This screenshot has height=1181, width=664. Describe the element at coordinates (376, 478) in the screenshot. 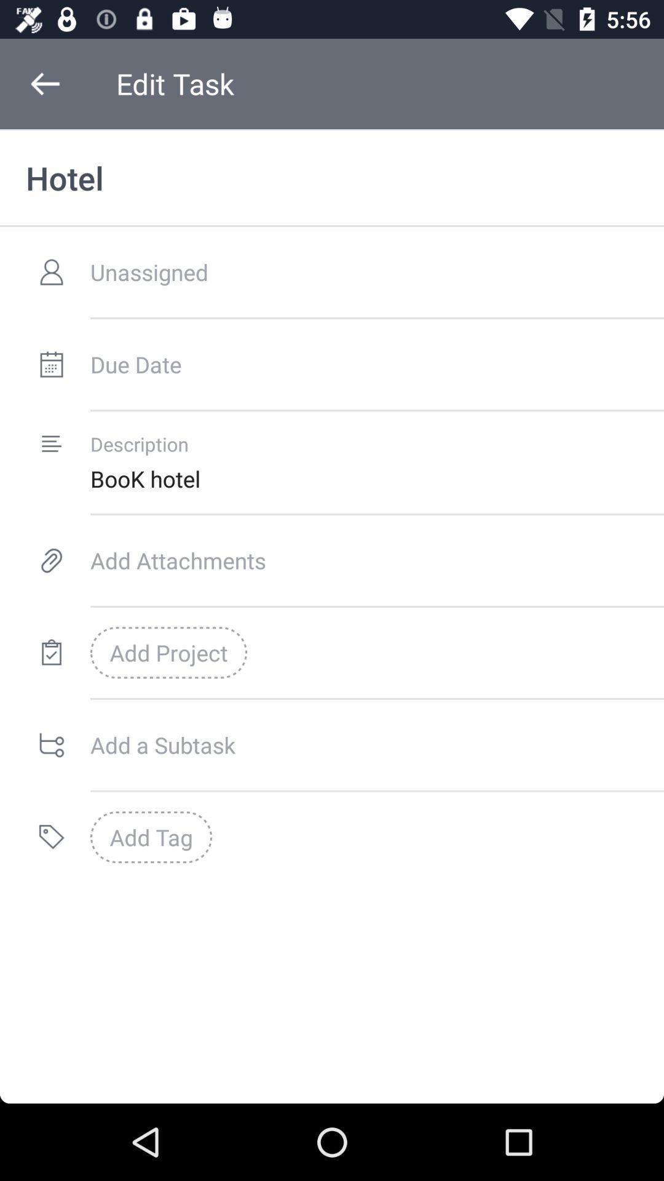

I see `the text book hotel` at that location.